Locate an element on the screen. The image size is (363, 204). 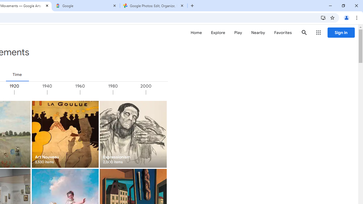
'2000' is located at coordinates (162, 92).